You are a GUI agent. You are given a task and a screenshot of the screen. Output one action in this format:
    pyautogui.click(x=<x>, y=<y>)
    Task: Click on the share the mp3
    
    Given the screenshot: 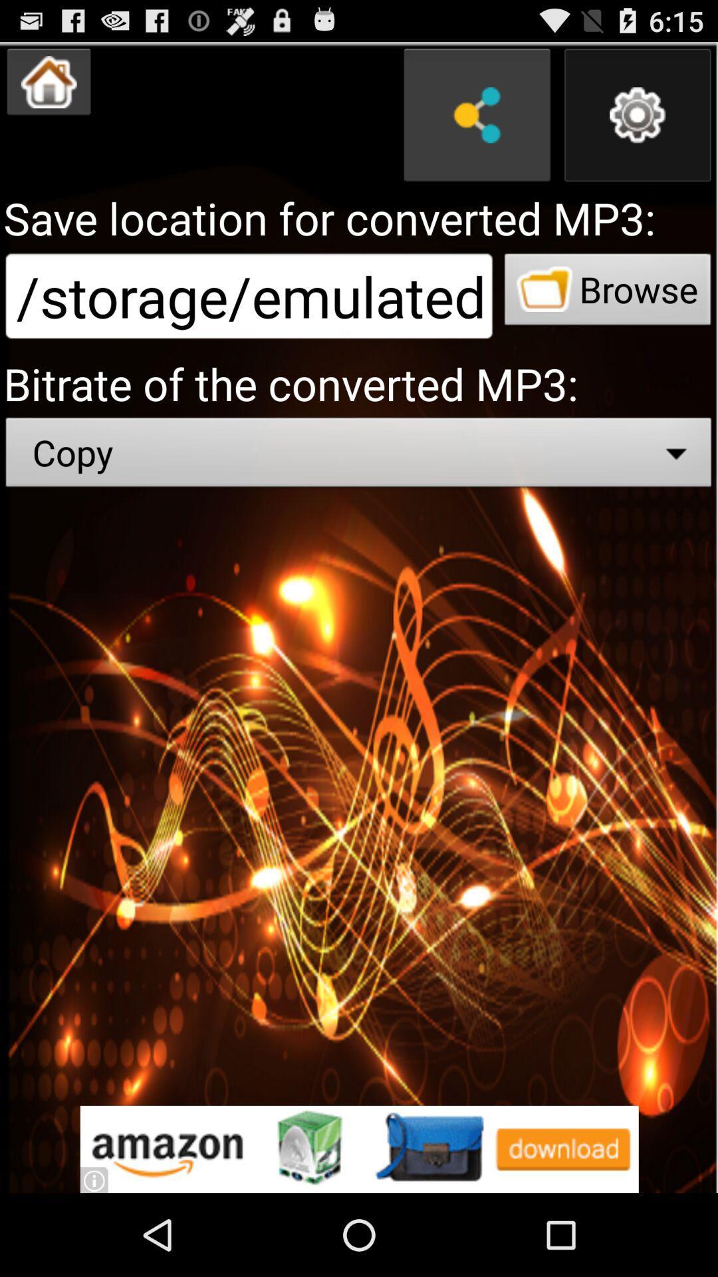 What is the action you would take?
    pyautogui.click(x=476, y=115)
    